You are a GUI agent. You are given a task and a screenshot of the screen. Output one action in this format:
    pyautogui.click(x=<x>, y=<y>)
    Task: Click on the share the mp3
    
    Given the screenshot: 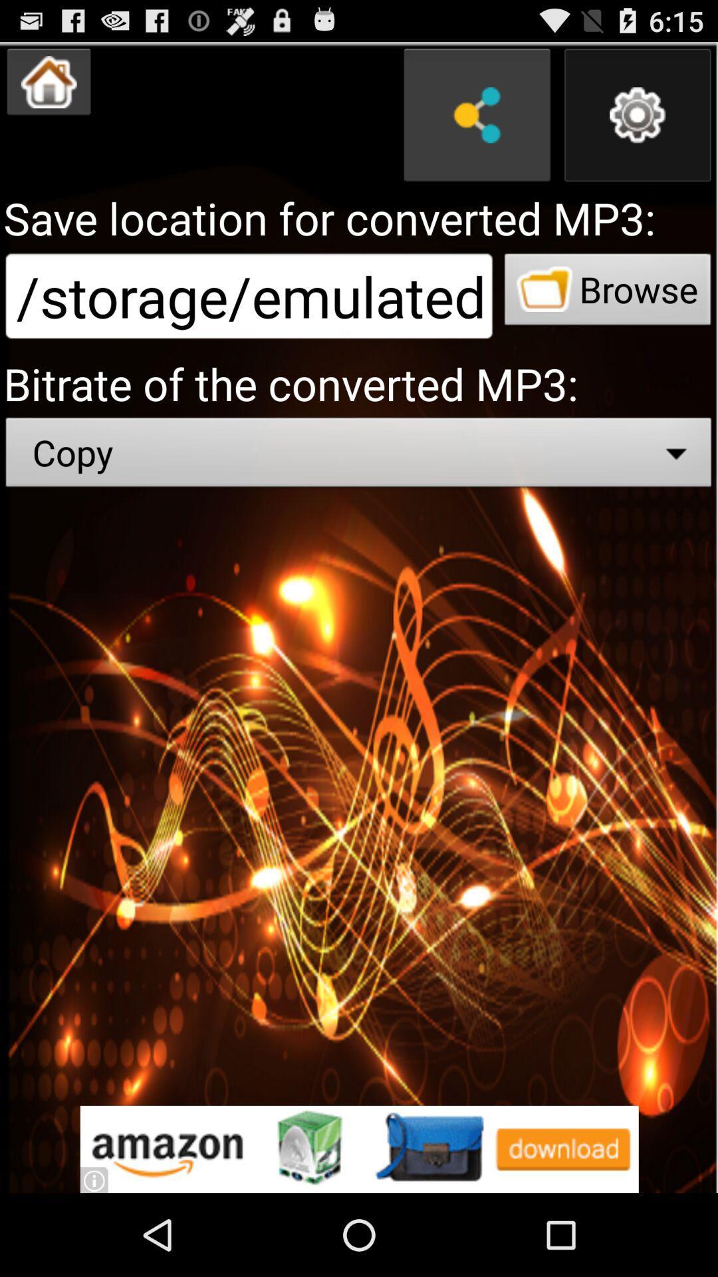 What is the action you would take?
    pyautogui.click(x=476, y=115)
    